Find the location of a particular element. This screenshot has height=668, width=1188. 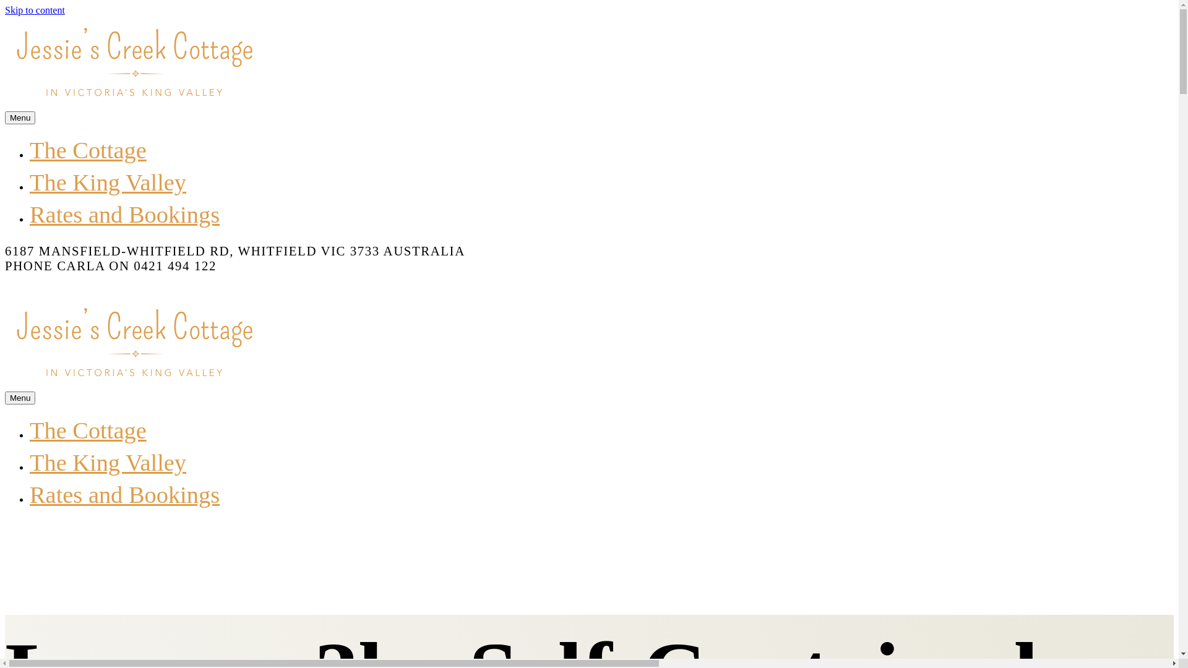

'The Cottage' is located at coordinates (87, 150).